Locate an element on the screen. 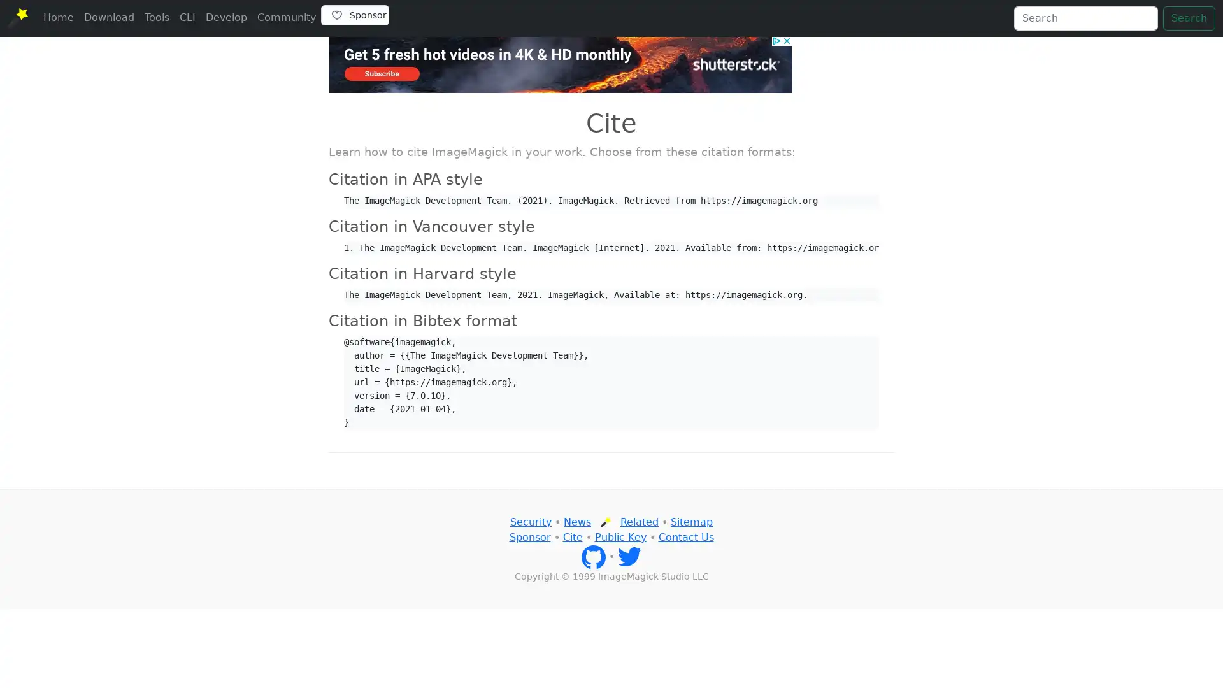 The width and height of the screenshot is (1223, 688). Search is located at coordinates (1189, 18).